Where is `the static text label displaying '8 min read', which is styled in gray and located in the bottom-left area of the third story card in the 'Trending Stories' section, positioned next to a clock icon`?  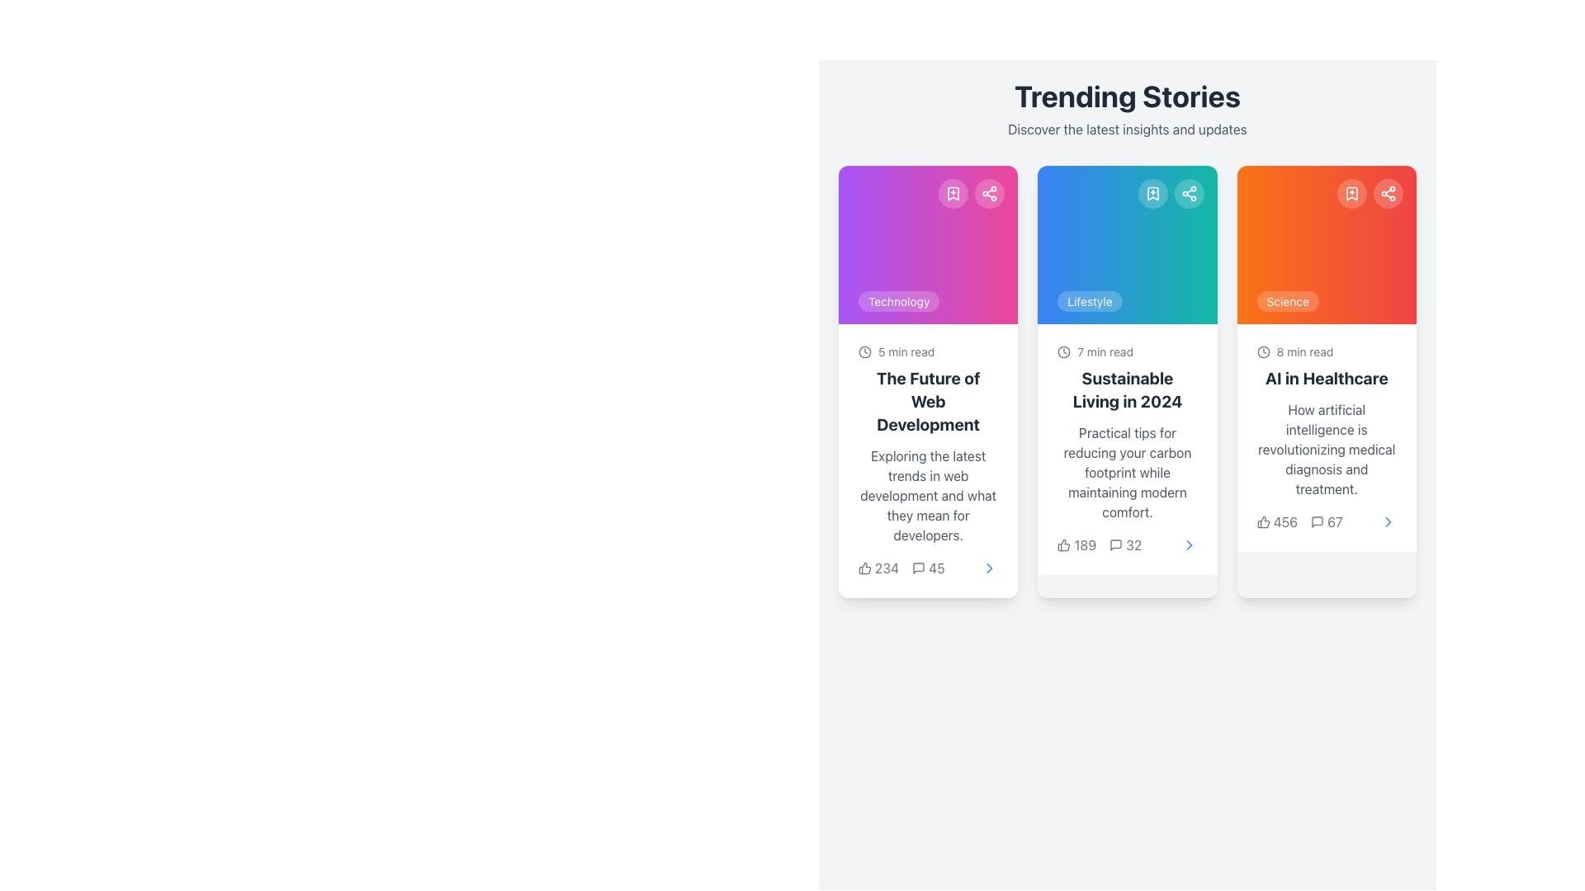
the static text label displaying '8 min read', which is styled in gray and located in the bottom-left area of the third story card in the 'Trending Stories' section, positioned next to a clock icon is located at coordinates (1303, 351).